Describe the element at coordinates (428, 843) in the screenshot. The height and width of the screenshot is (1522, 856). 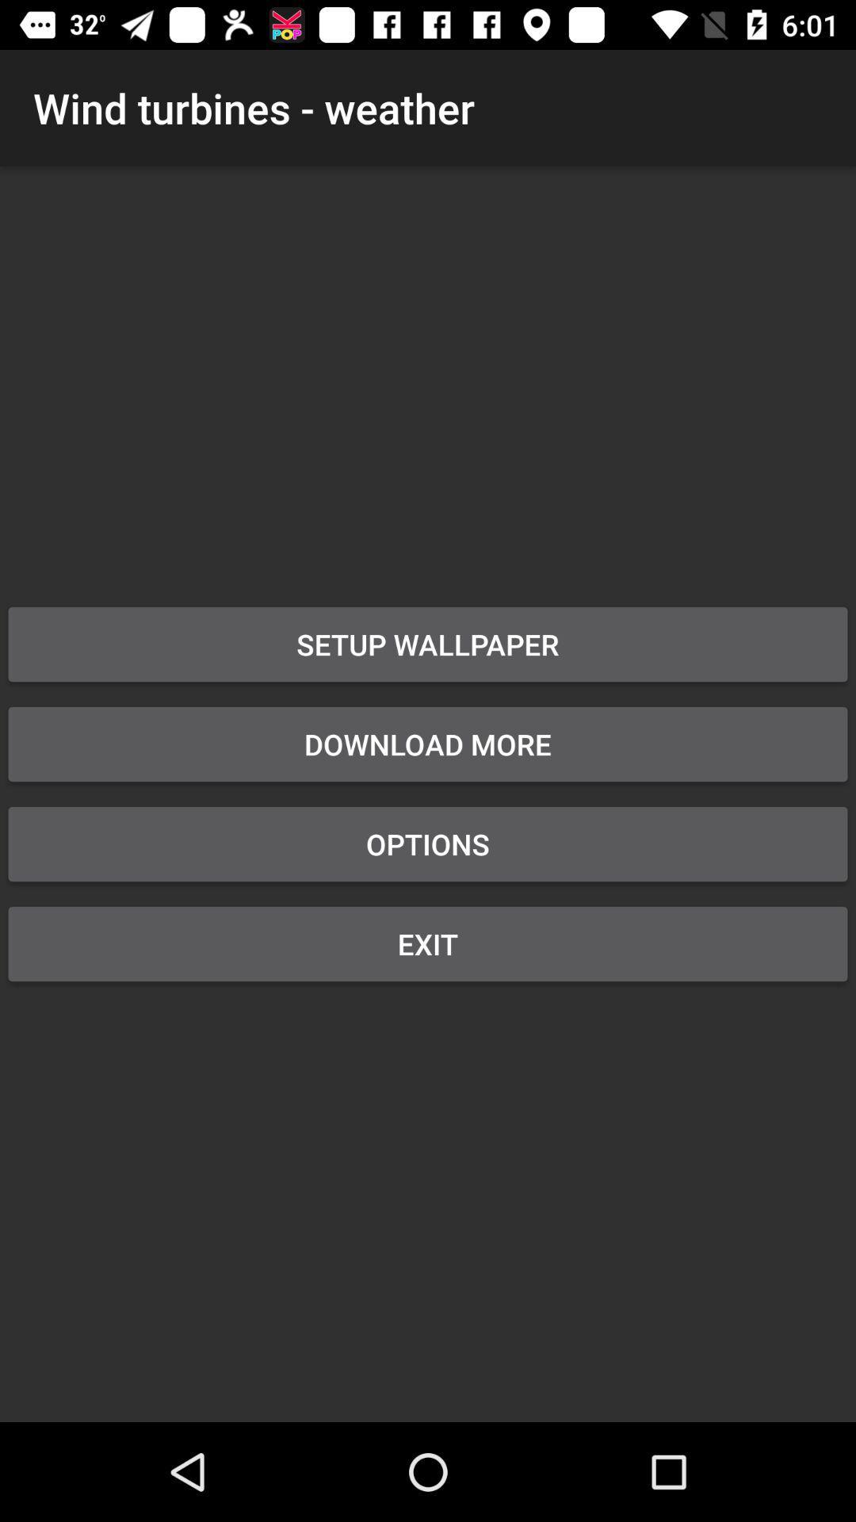
I see `item below the download more icon` at that location.